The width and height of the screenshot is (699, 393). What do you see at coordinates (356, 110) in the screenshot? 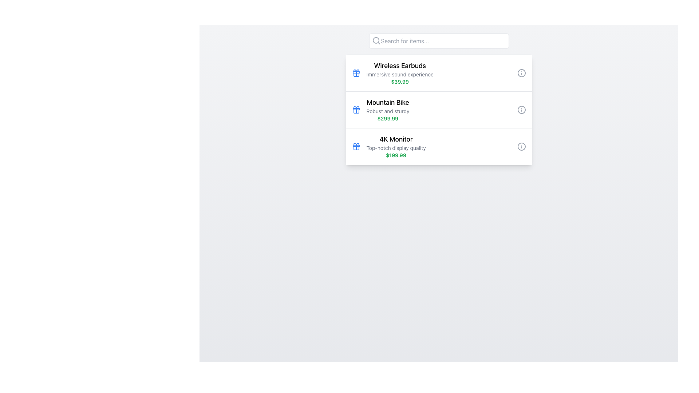
I see `the giftable icon for the 'Mountain Bike' item located in the second position of a vertical list, aligned to the left of the corresponding text` at bounding box center [356, 110].